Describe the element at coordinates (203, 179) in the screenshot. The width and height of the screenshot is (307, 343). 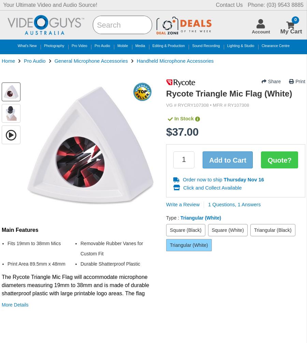
I see `'Order now to ship'` at that location.